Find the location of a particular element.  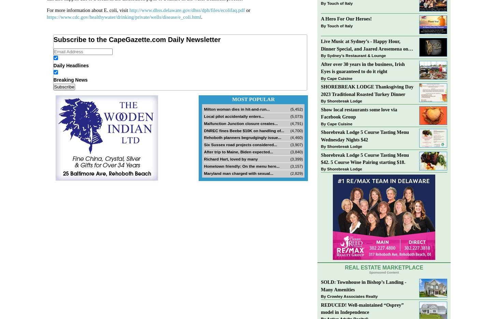

'Malfunction Junction closure creates...' is located at coordinates (203, 123).